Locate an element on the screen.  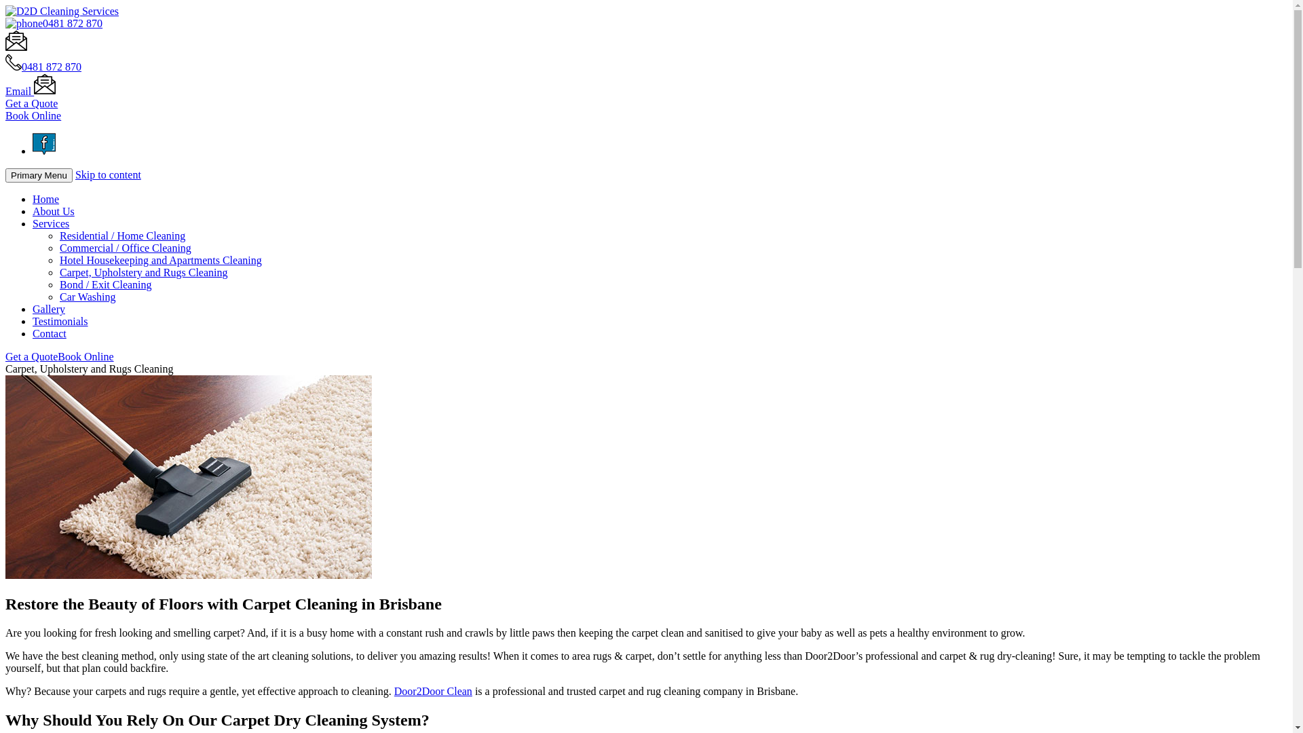
'Gallery' is located at coordinates (49, 309).